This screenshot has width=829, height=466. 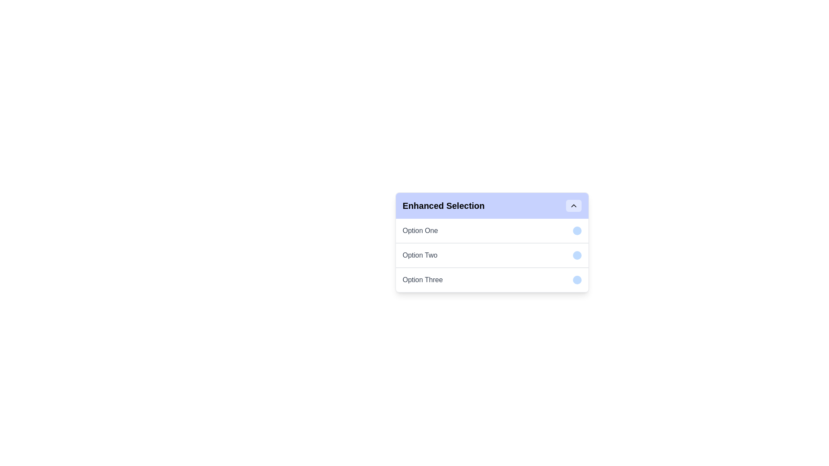 What do you see at coordinates (420, 230) in the screenshot?
I see `the first text label option under the 'Enhanced Selection' header, which has a blue-circled indicator to its right` at bounding box center [420, 230].